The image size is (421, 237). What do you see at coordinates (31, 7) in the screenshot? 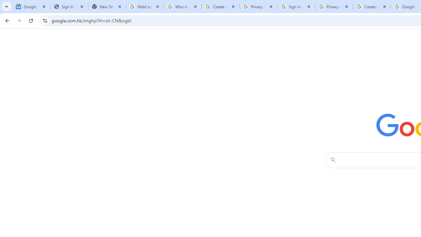
I see `'Google News'` at bounding box center [31, 7].